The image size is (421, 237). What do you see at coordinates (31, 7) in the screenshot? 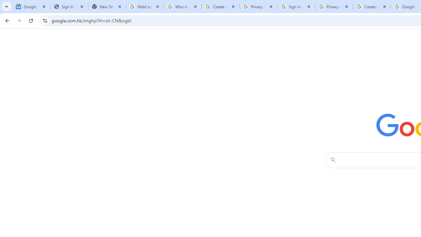
I see `'Google News'` at bounding box center [31, 7].